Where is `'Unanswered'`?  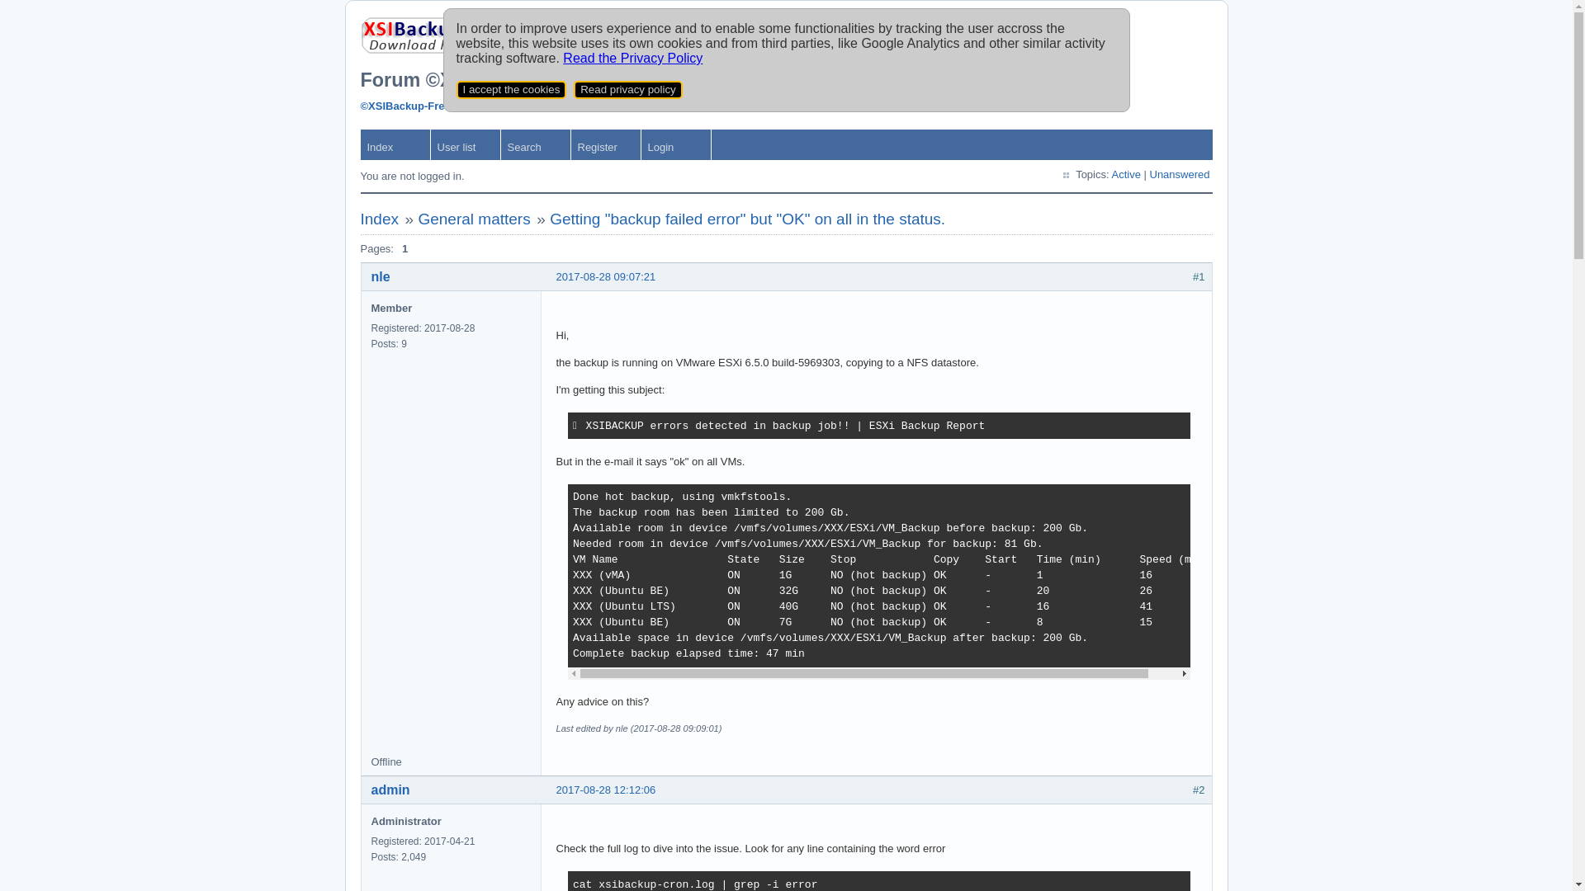
'Unanswered' is located at coordinates (1178, 174).